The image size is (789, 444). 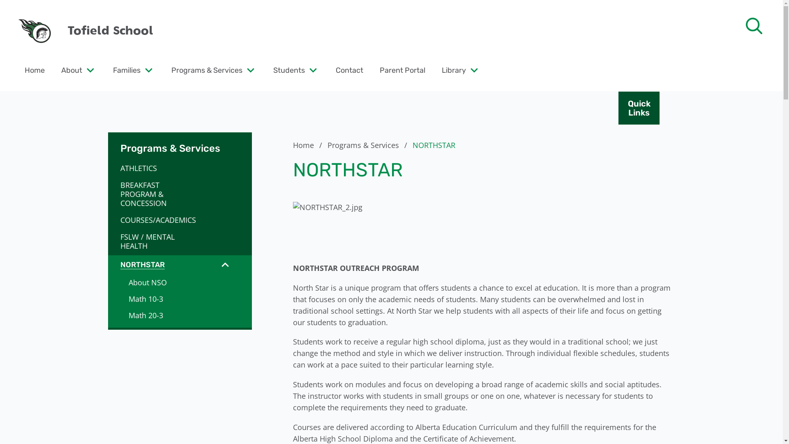 I want to click on 'FSLW / MENTAL HEALTH', so click(x=156, y=240).